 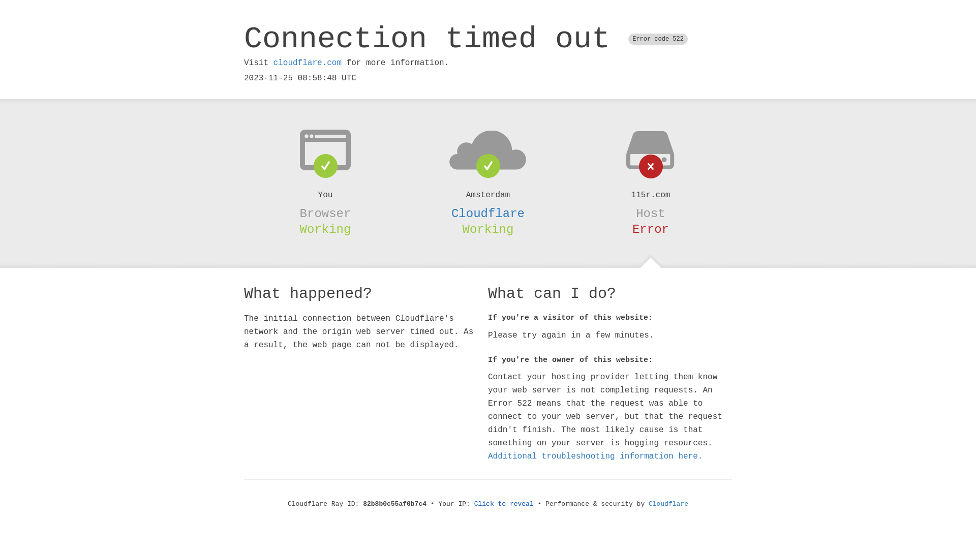 What do you see at coordinates (488, 213) in the screenshot?
I see `'Cloudflare'` at bounding box center [488, 213].